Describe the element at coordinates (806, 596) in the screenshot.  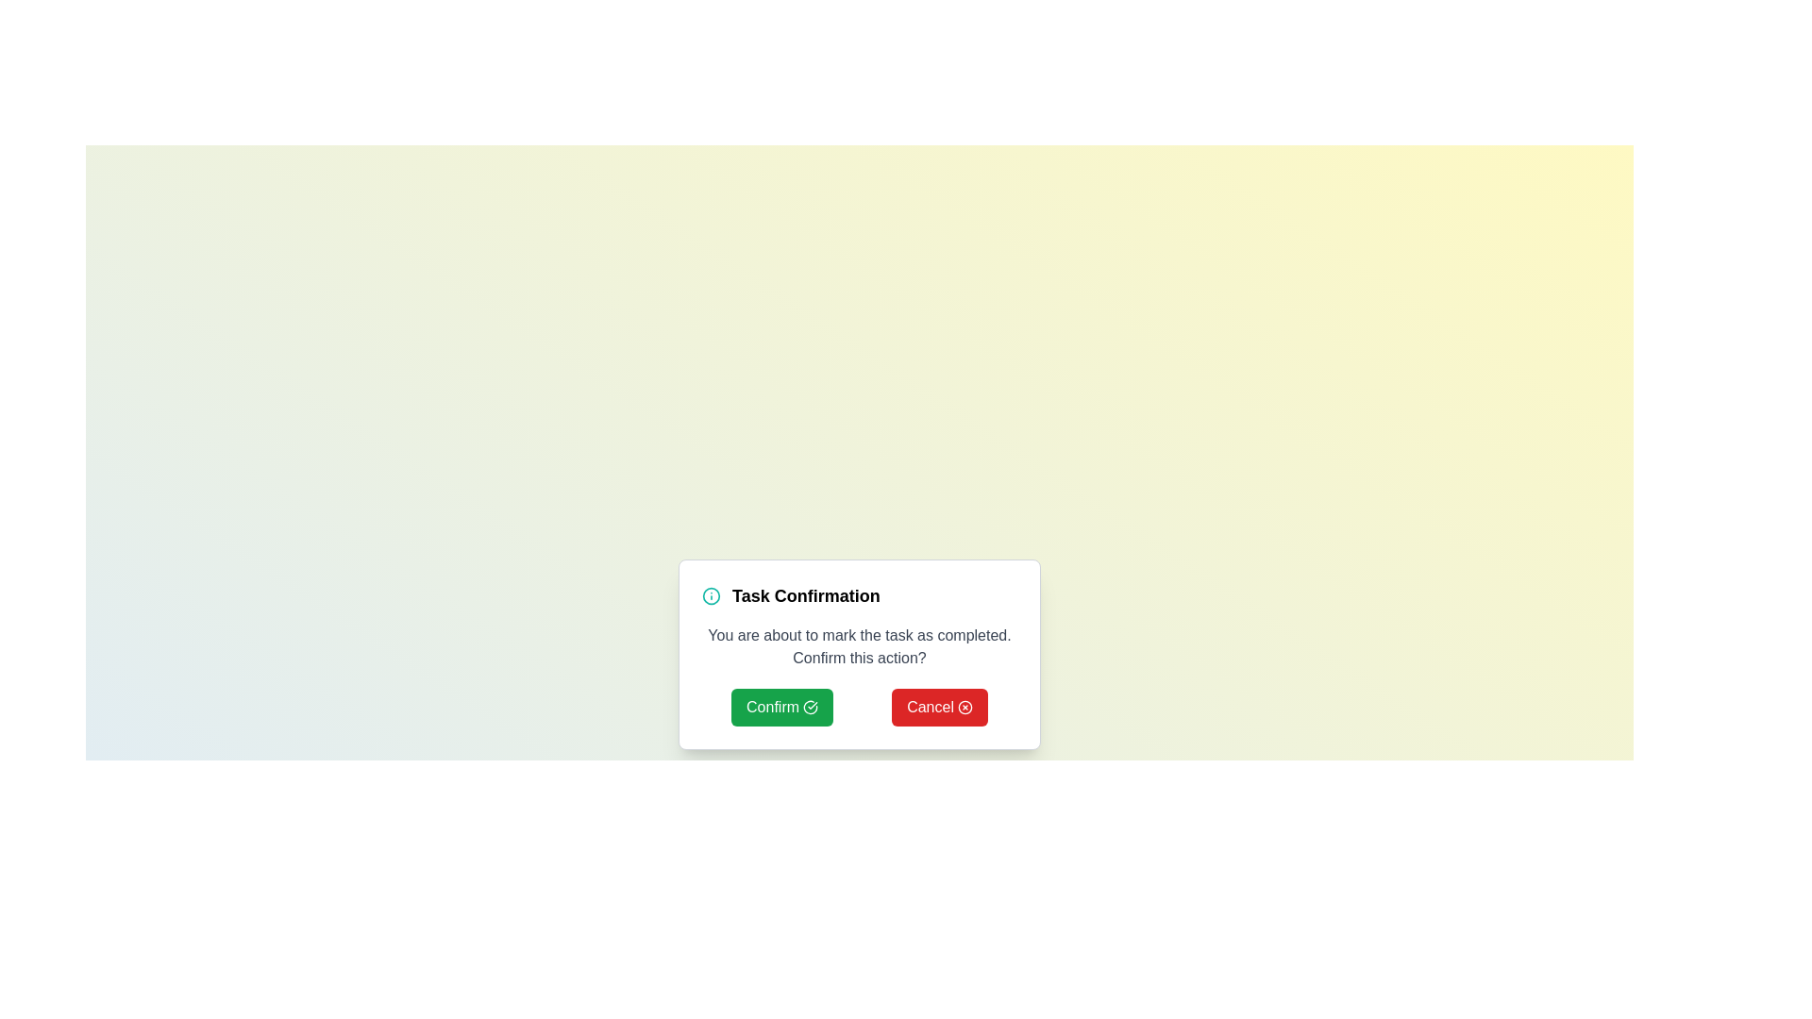
I see `the static text label that serves as the title or header for the dialog box, which is located near the center and slightly to the right of the information icon` at that location.